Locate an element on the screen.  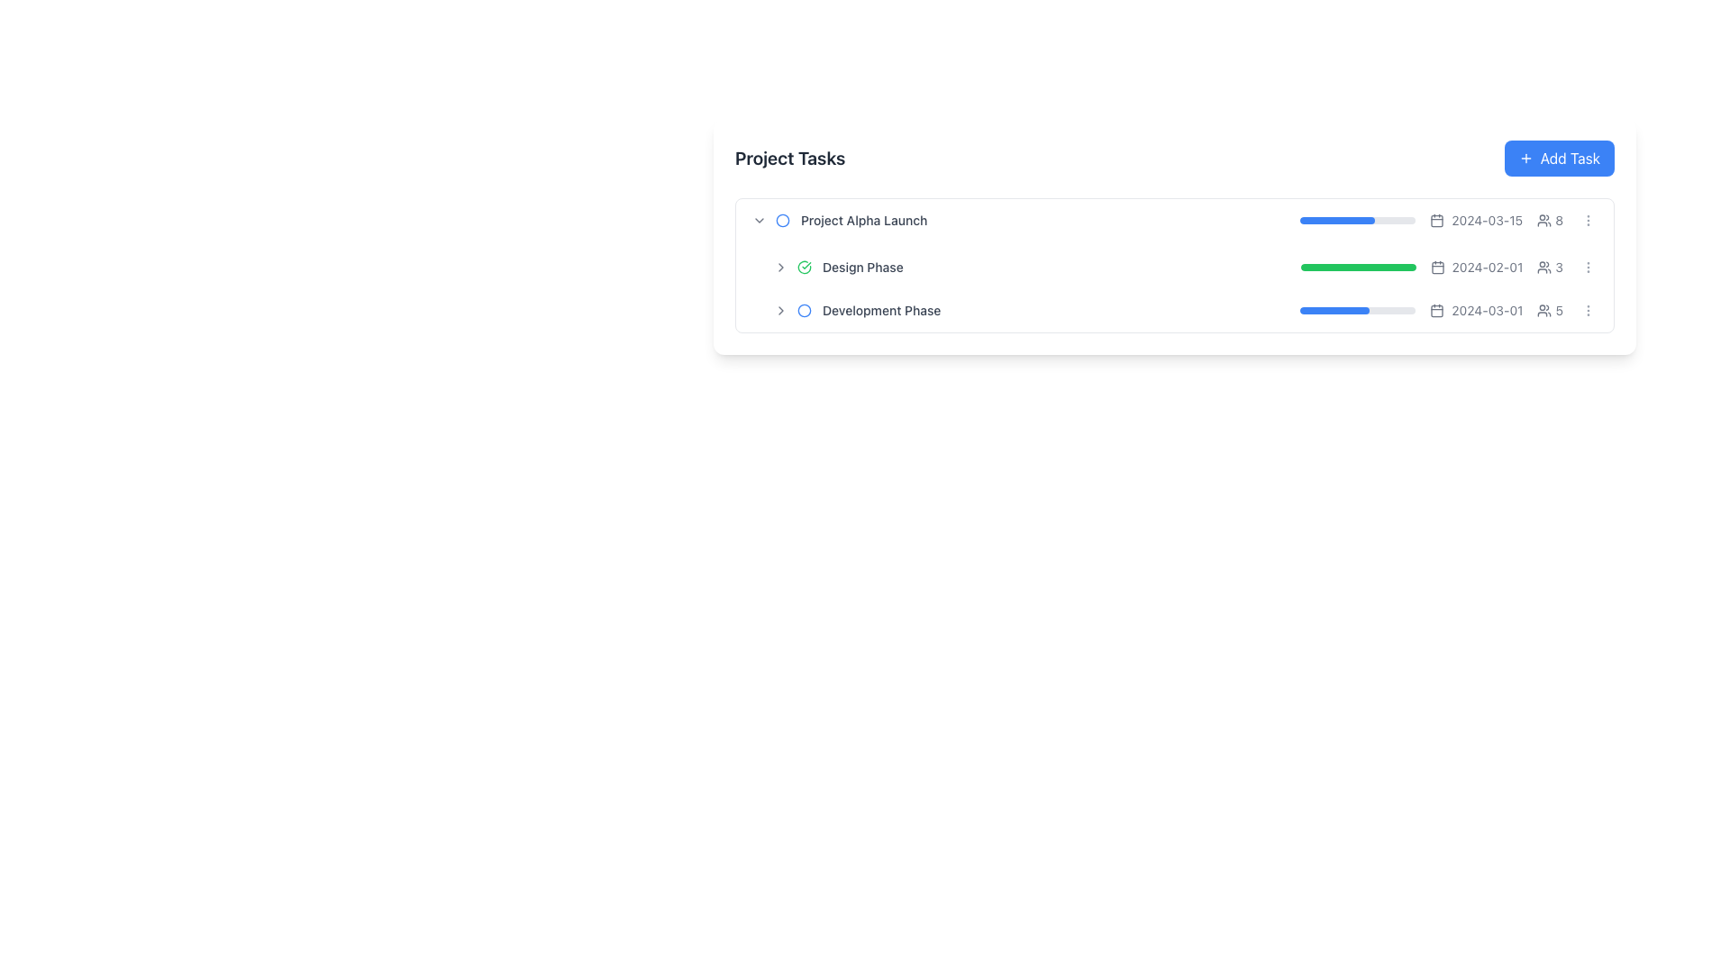
the visual indicator icon representing the 'Development Phase' of a task, located next to the text 'Development Phase' in the 'Project Tasks' section is located at coordinates (782, 220).